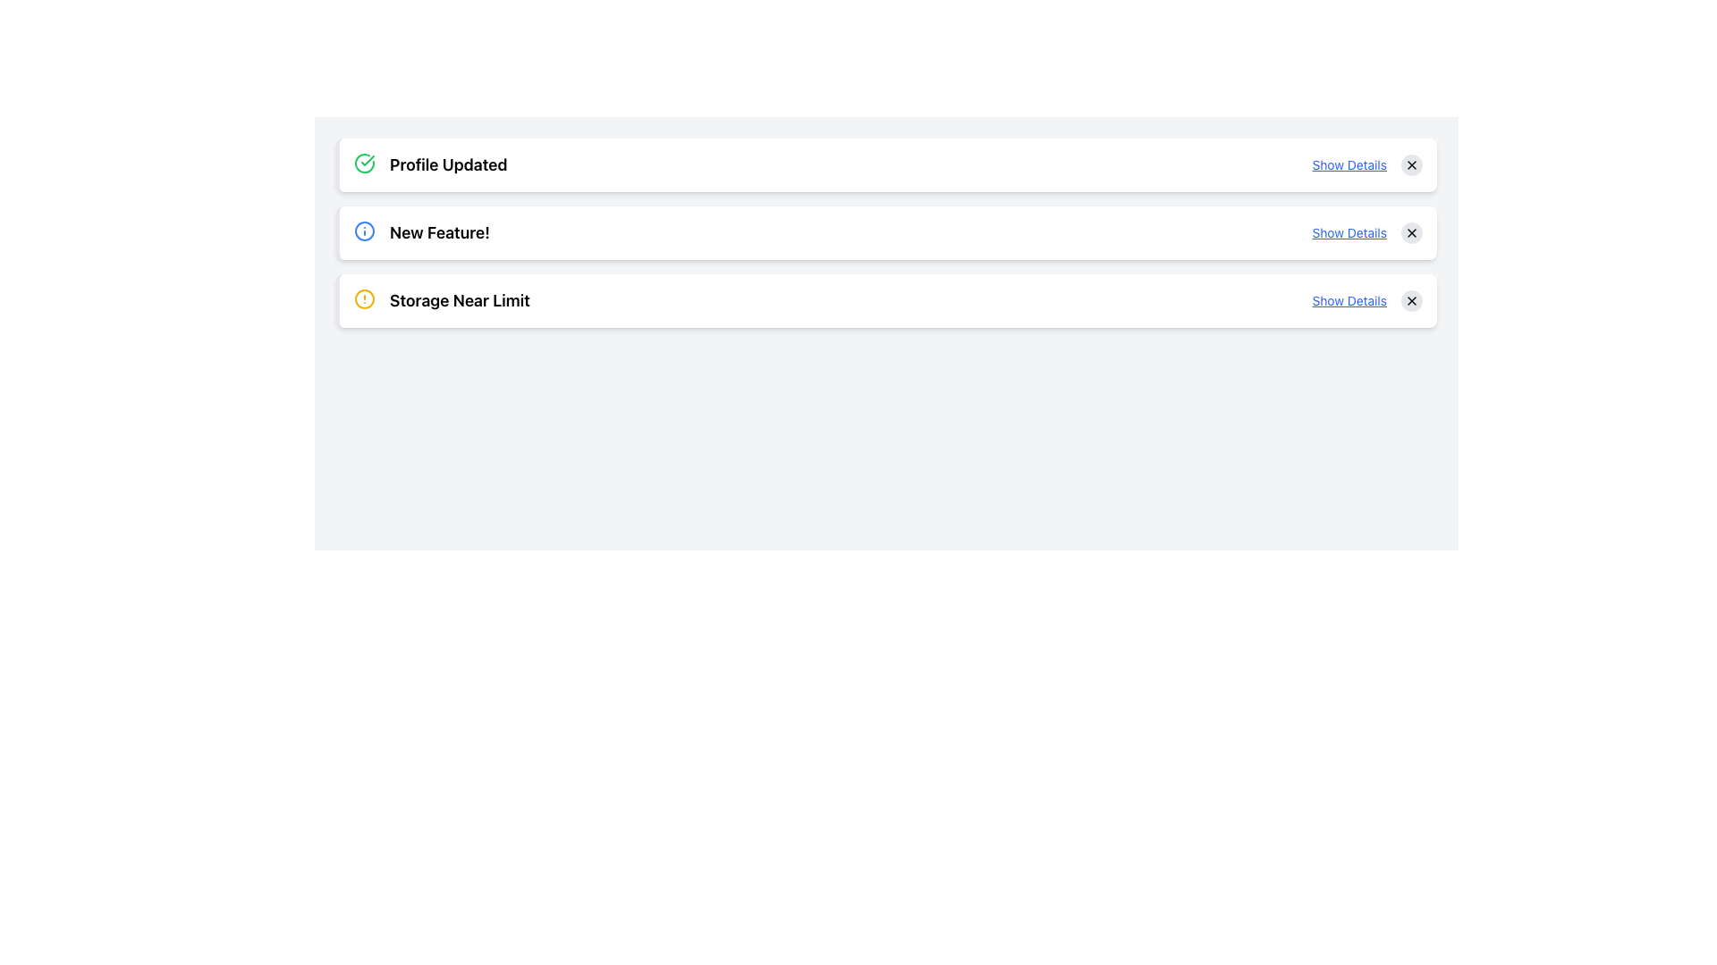 The image size is (1717, 965). What do you see at coordinates (1411, 165) in the screenshot?
I see `the close button icon located at the far right of the 'Profile Updated' notification to dismiss the notification` at bounding box center [1411, 165].